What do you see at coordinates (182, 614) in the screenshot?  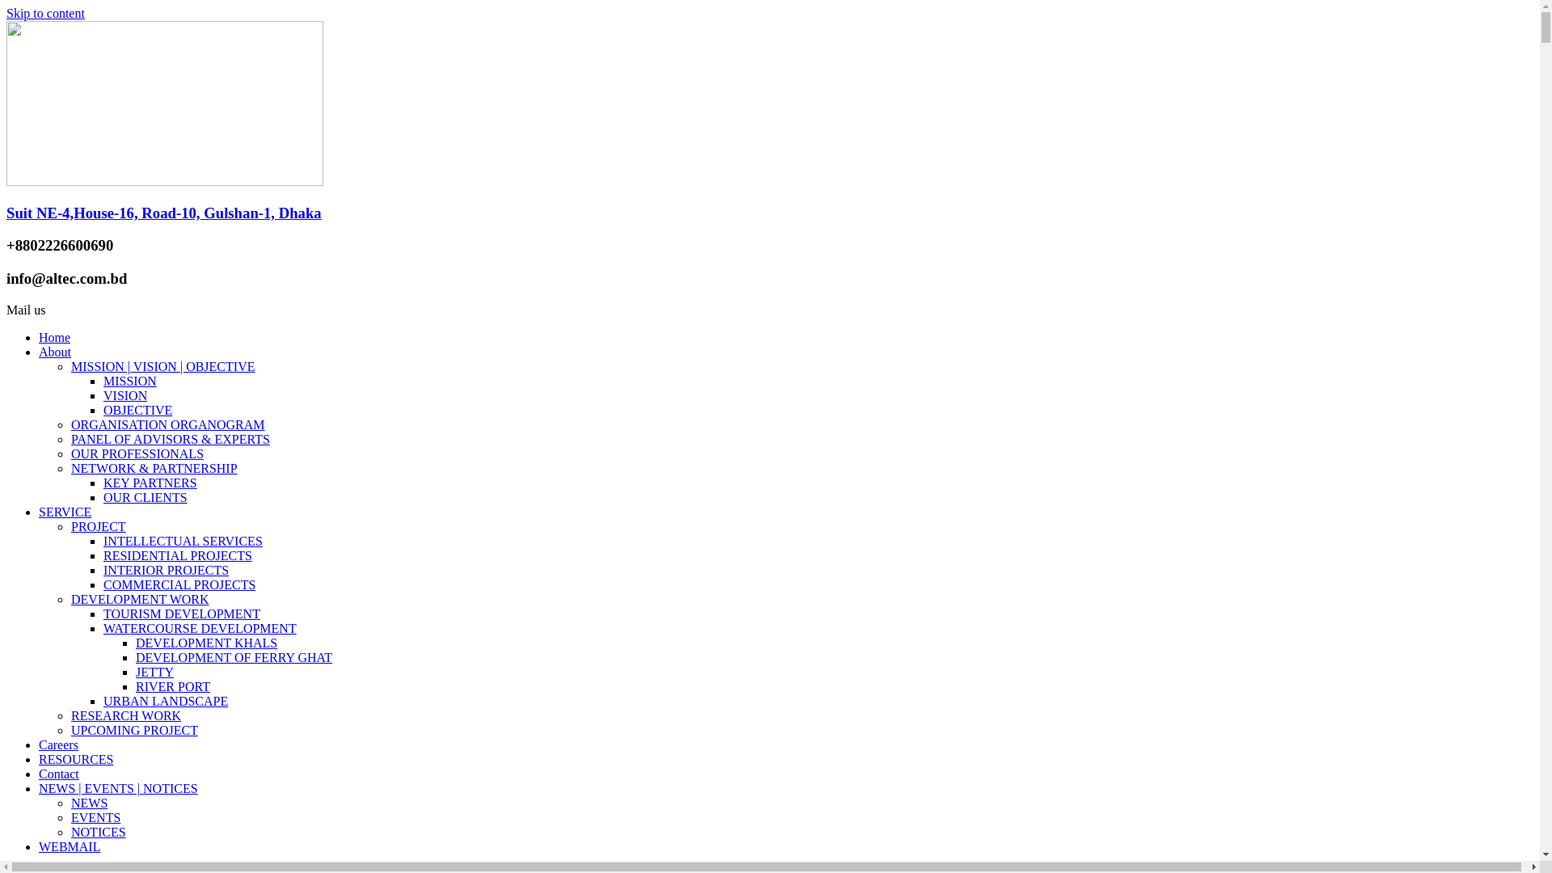 I see `'TOURISM DEVELOPMENT'` at bounding box center [182, 614].